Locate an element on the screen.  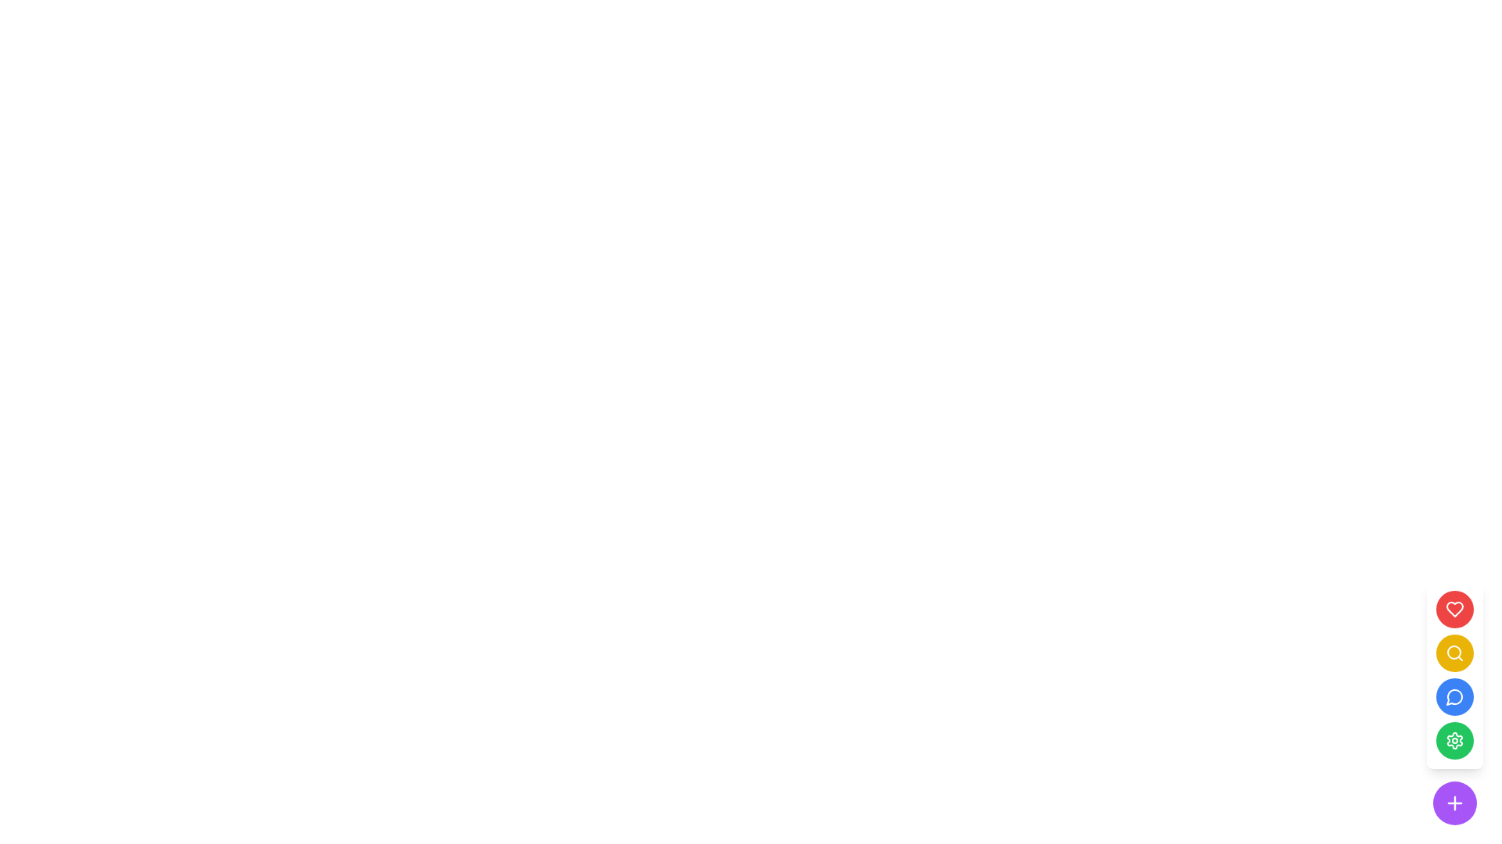
the circular graphical element within the search icon, which has a yellow fill and is positioned second from the top among interactive buttons is located at coordinates (1453, 652).